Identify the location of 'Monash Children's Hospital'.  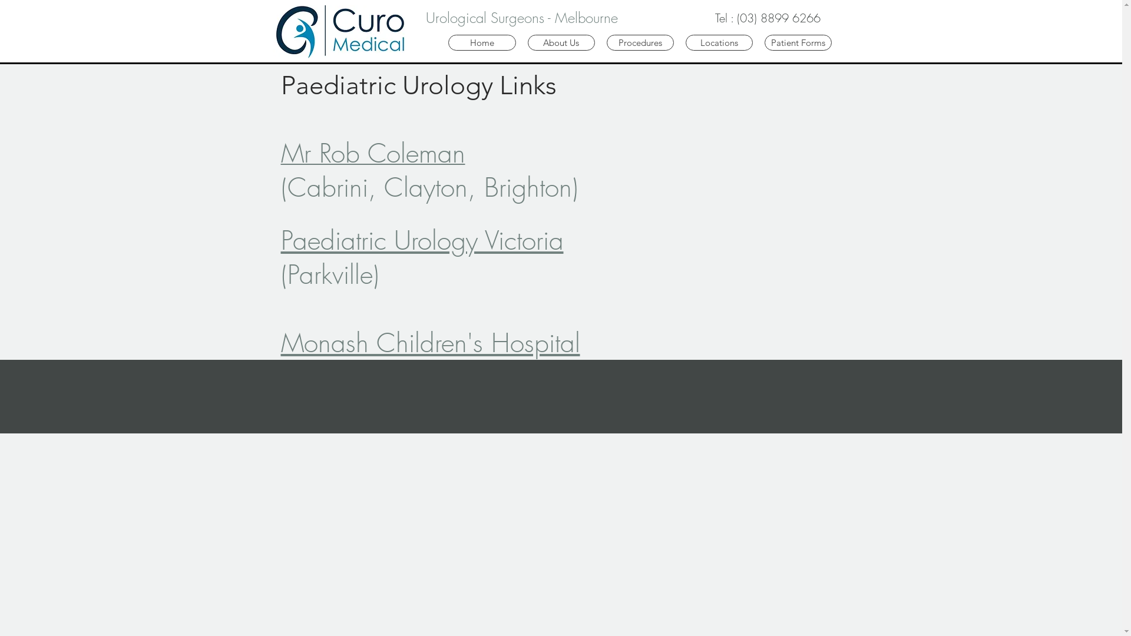
(429, 343).